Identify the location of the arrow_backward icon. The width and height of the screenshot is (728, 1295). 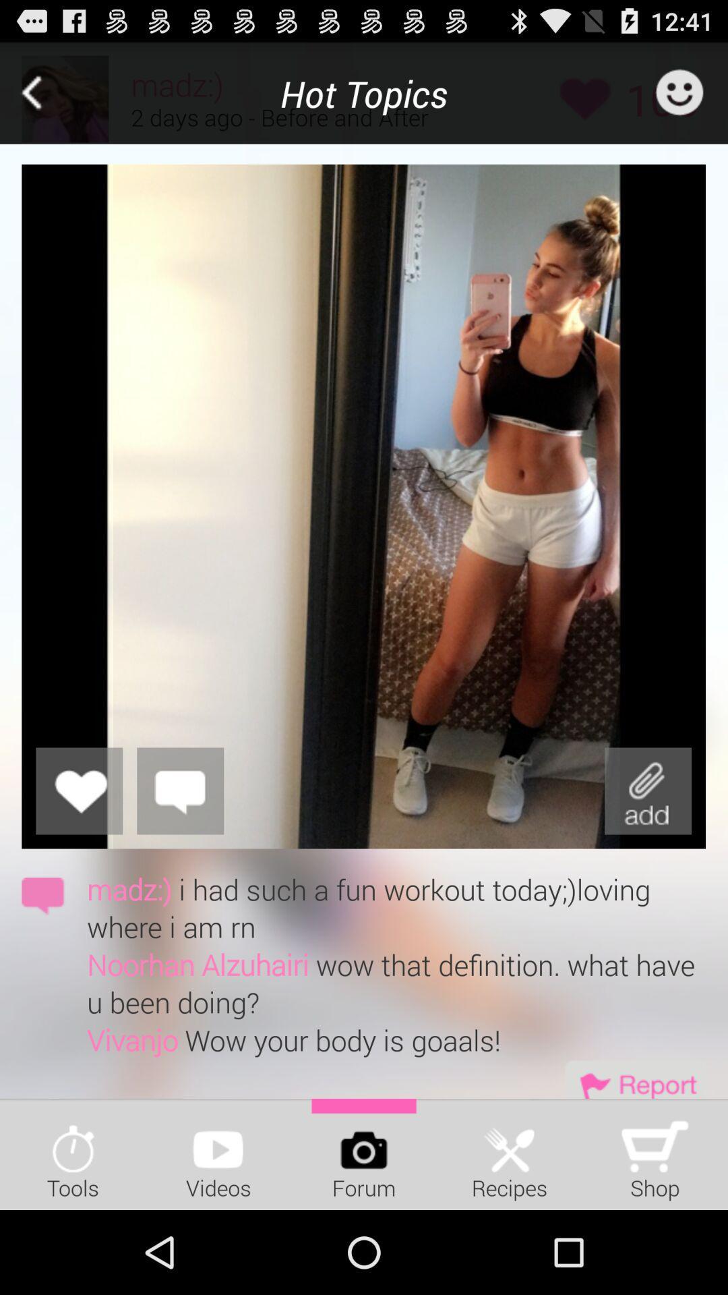
(50, 99).